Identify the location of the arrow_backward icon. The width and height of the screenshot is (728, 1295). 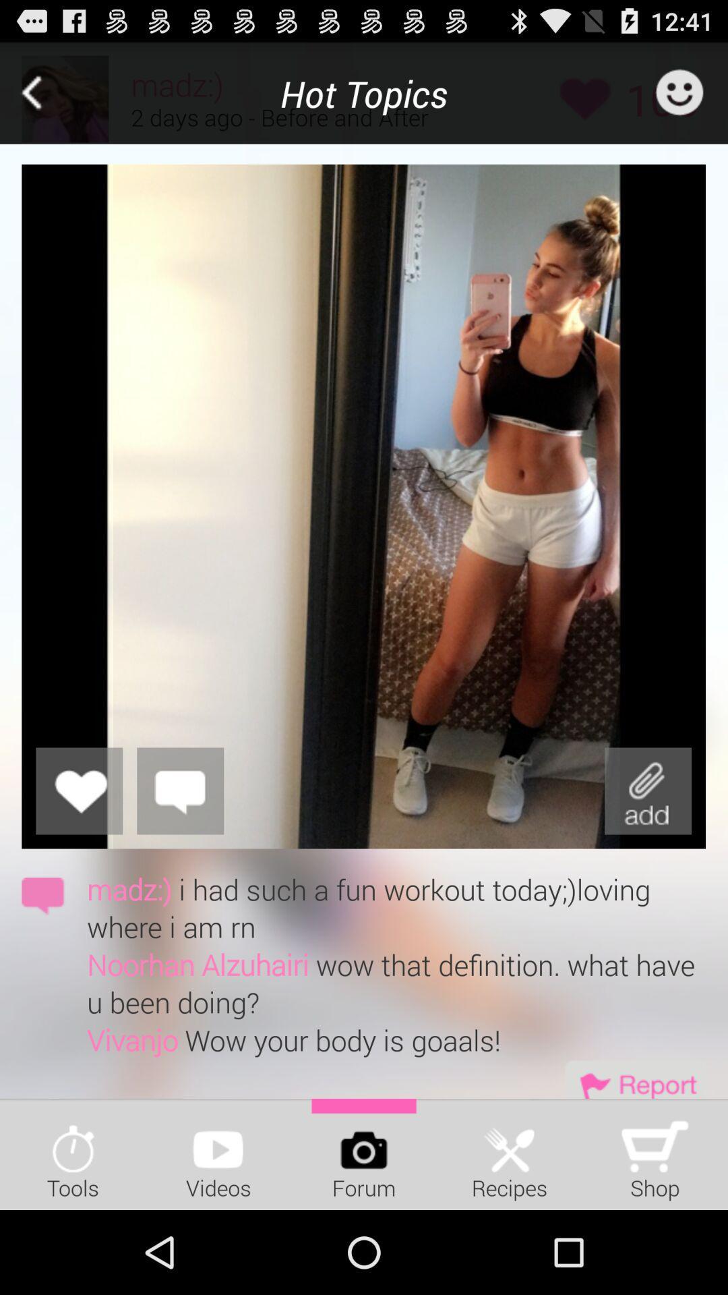
(50, 99).